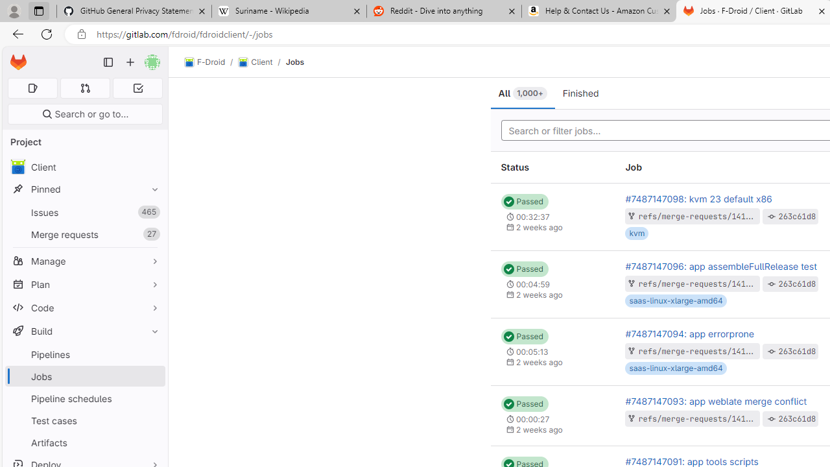 The width and height of the screenshot is (830, 467). I want to click on 'Pin Jobs', so click(152, 376).